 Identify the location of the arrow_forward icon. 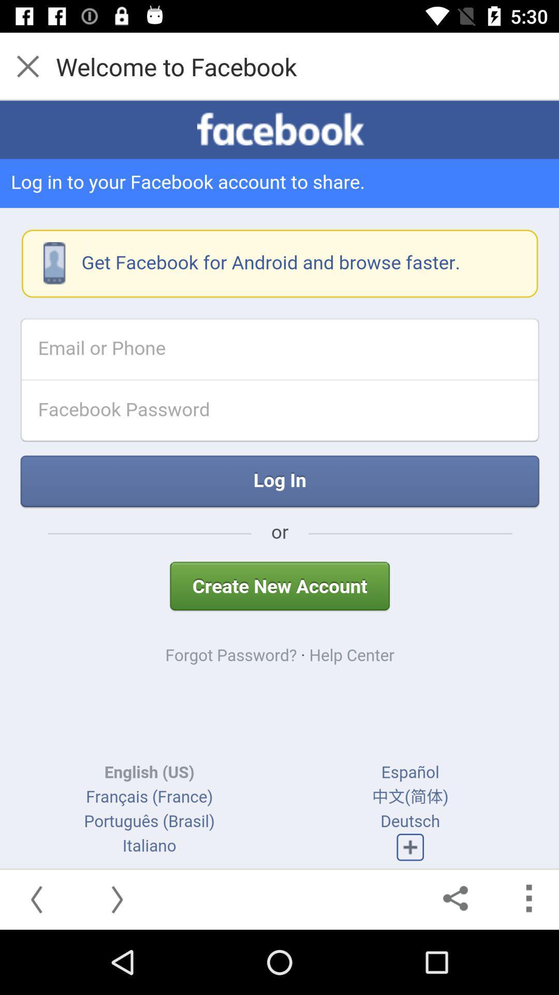
(116, 898).